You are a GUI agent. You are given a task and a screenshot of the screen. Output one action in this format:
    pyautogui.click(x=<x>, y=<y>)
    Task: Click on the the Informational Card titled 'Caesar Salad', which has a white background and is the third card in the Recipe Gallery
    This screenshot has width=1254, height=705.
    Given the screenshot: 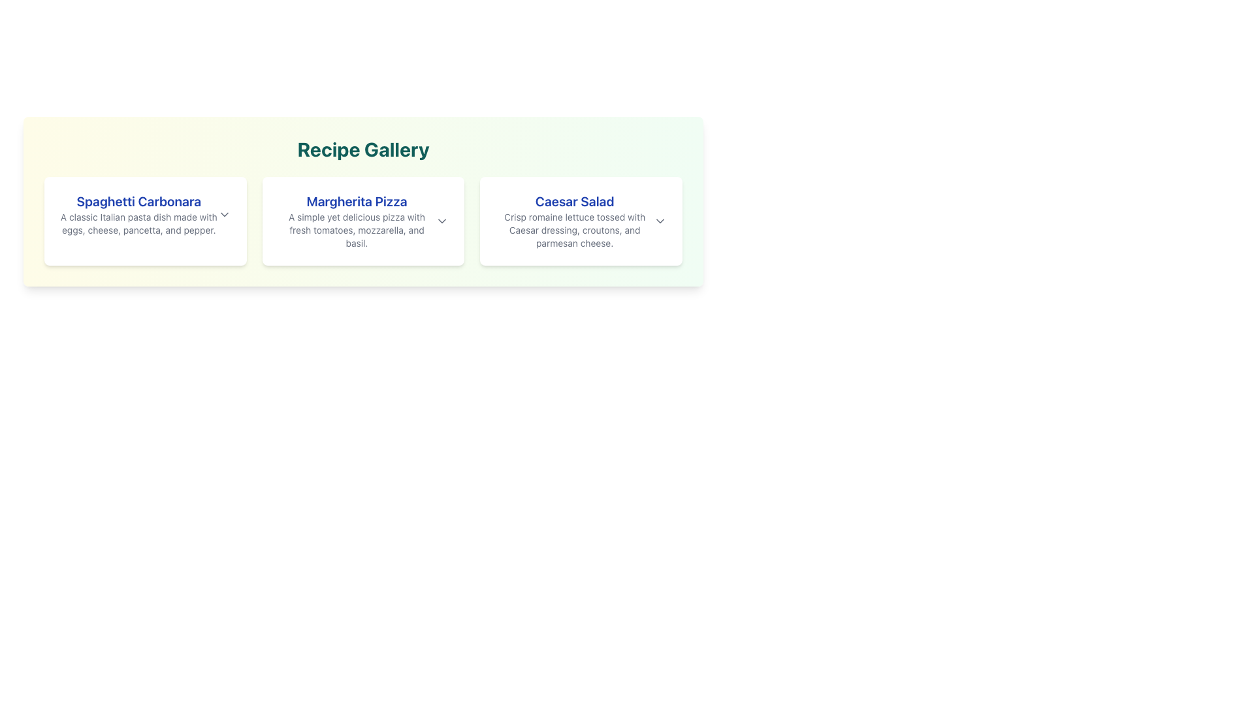 What is the action you would take?
    pyautogui.click(x=581, y=221)
    